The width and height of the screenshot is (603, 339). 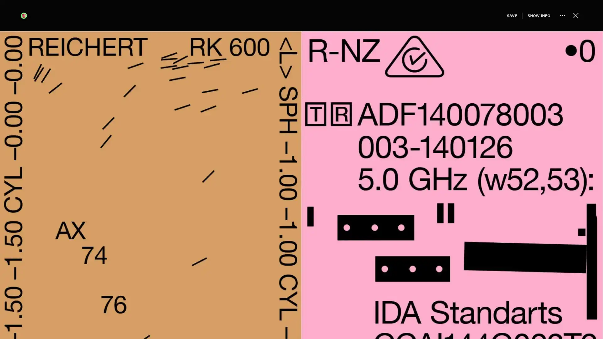 I want to click on SAVE, so click(x=500, y=15).